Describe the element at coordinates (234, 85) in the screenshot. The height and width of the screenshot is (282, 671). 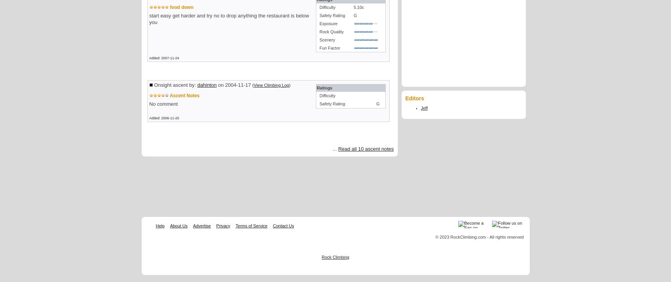
I see `'on 2004-11-17'` at that location.